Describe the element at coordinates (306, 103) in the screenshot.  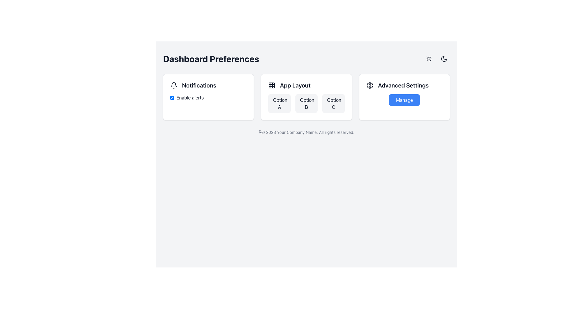
I see `the button labeled 'Option B'` at that location.